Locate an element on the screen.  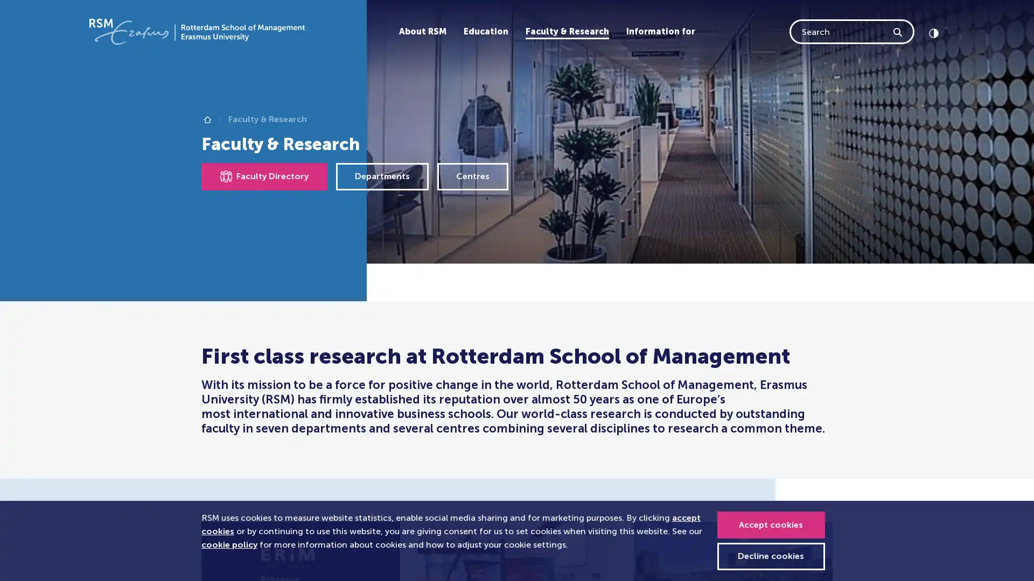
Click to set high contrast Contrast off is located at coordinates (933, 31).